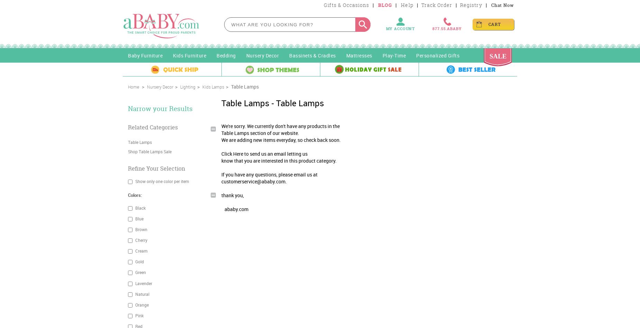  I want to click on 'Help', so click(406, 5).